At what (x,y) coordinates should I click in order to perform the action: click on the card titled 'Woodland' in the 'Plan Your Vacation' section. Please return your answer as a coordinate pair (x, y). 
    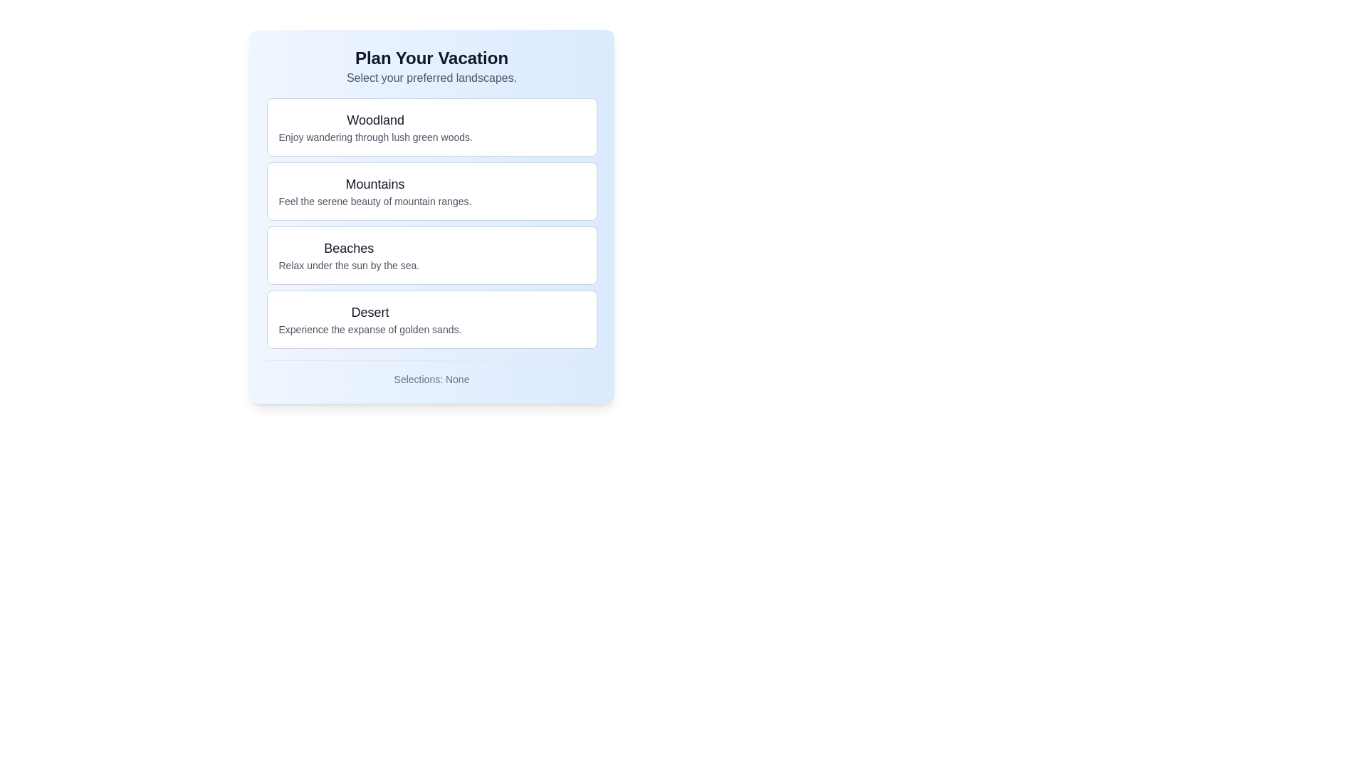
    Looking at the image, I should click on (431, 126).